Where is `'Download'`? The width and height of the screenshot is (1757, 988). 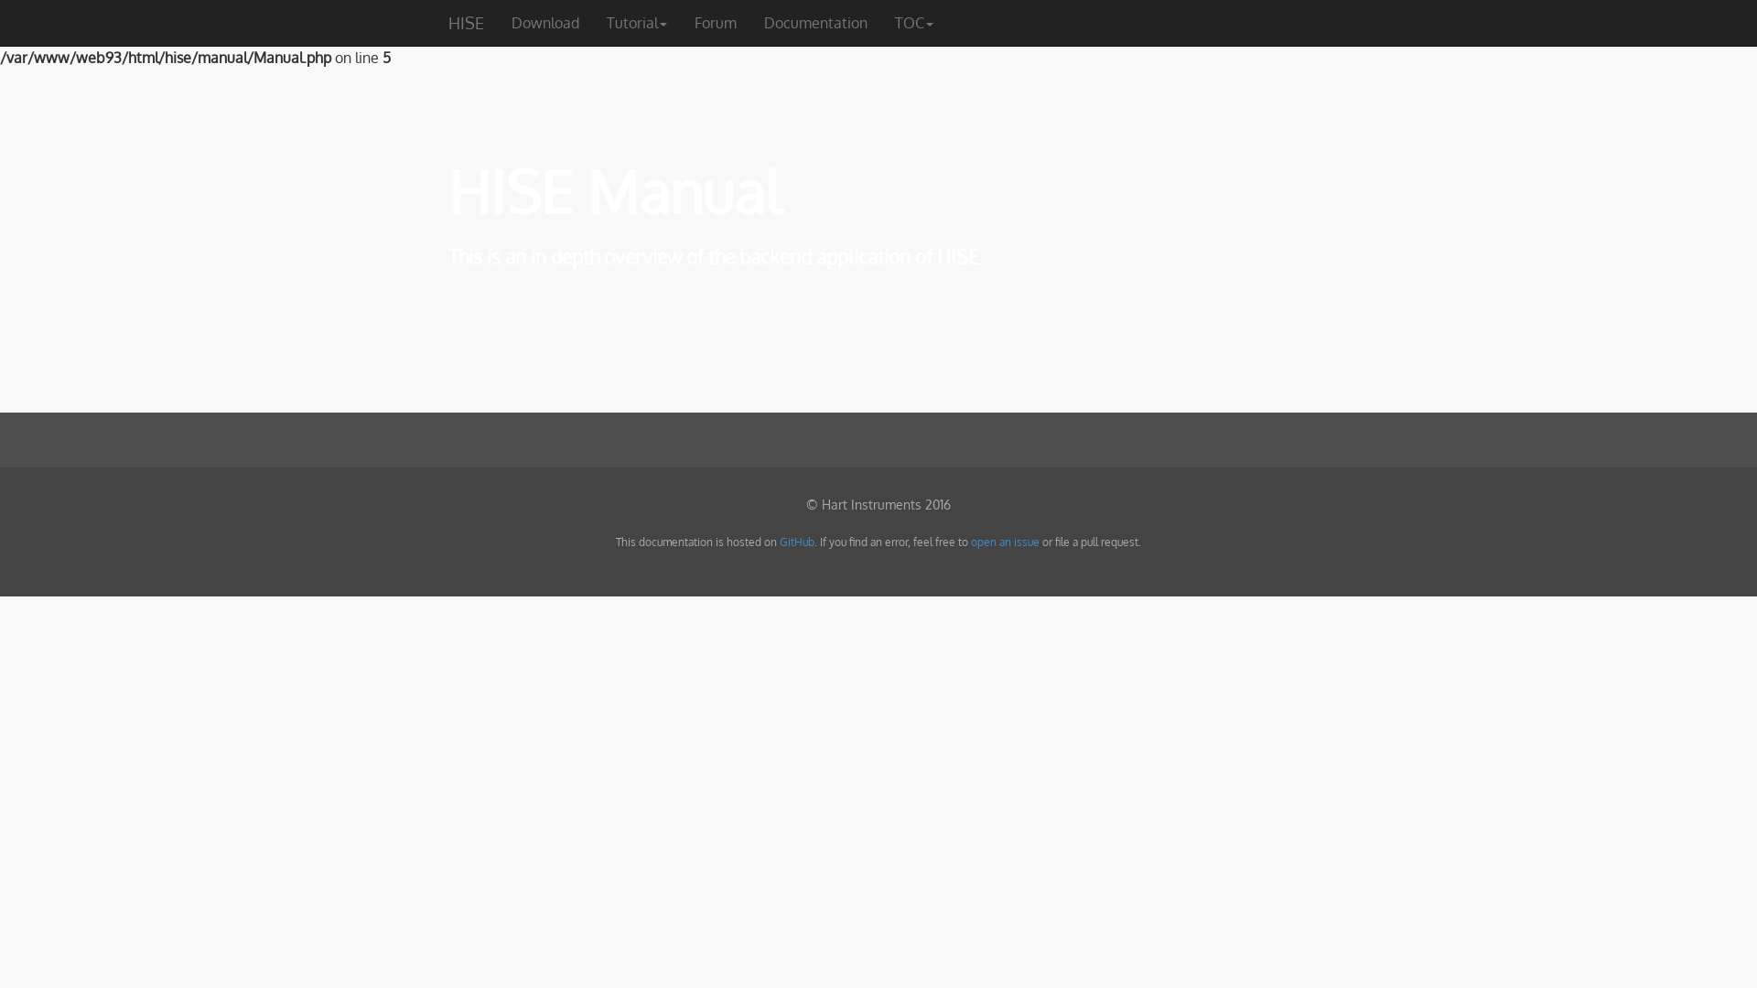 'Download' is located at coordinates (544, 22).